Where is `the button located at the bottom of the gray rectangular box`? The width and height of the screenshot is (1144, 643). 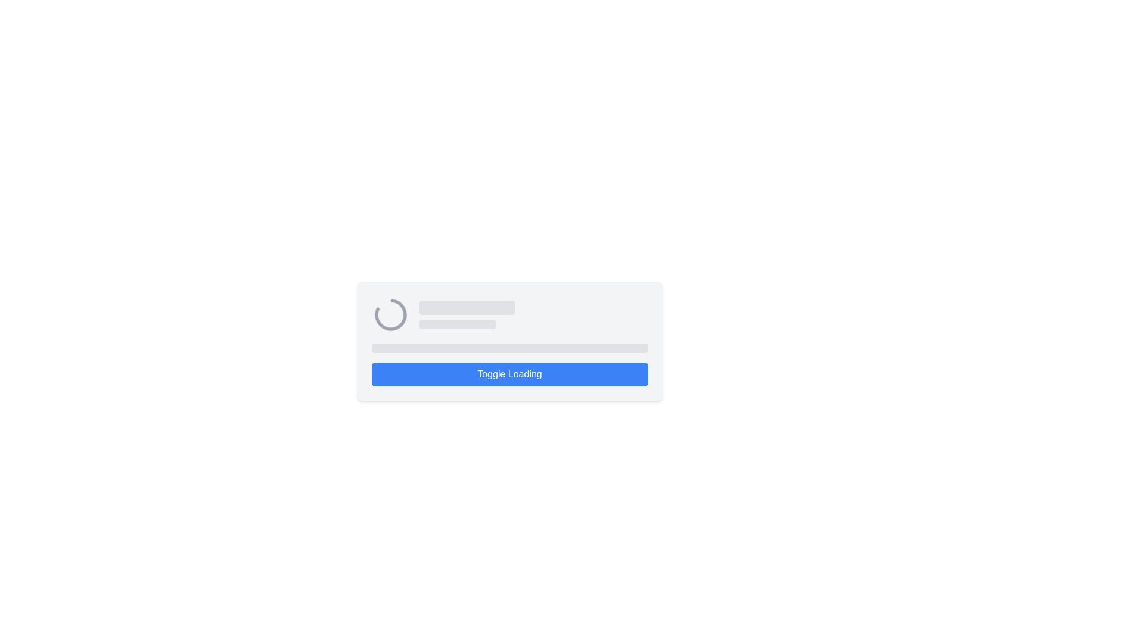
the button located at the bottom of the gray rectangular box is located at coordinates (509, 341).